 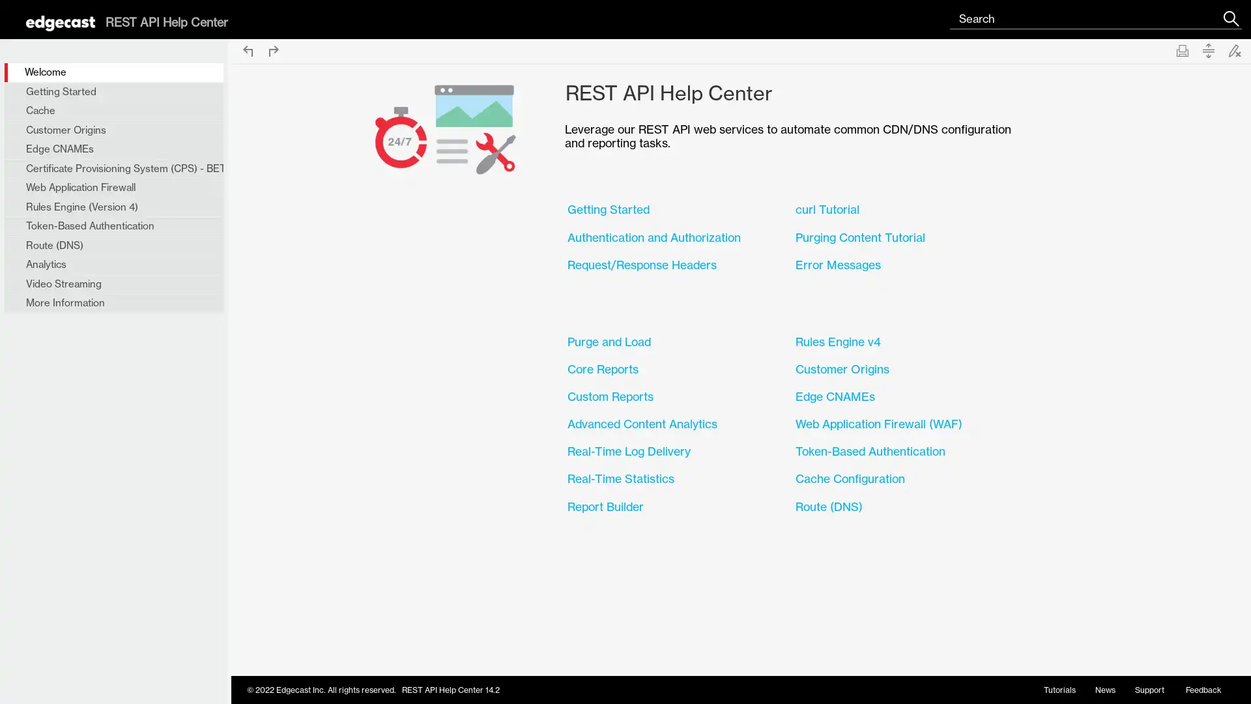 I want to click on previous topic, so click(x=247, y=50).